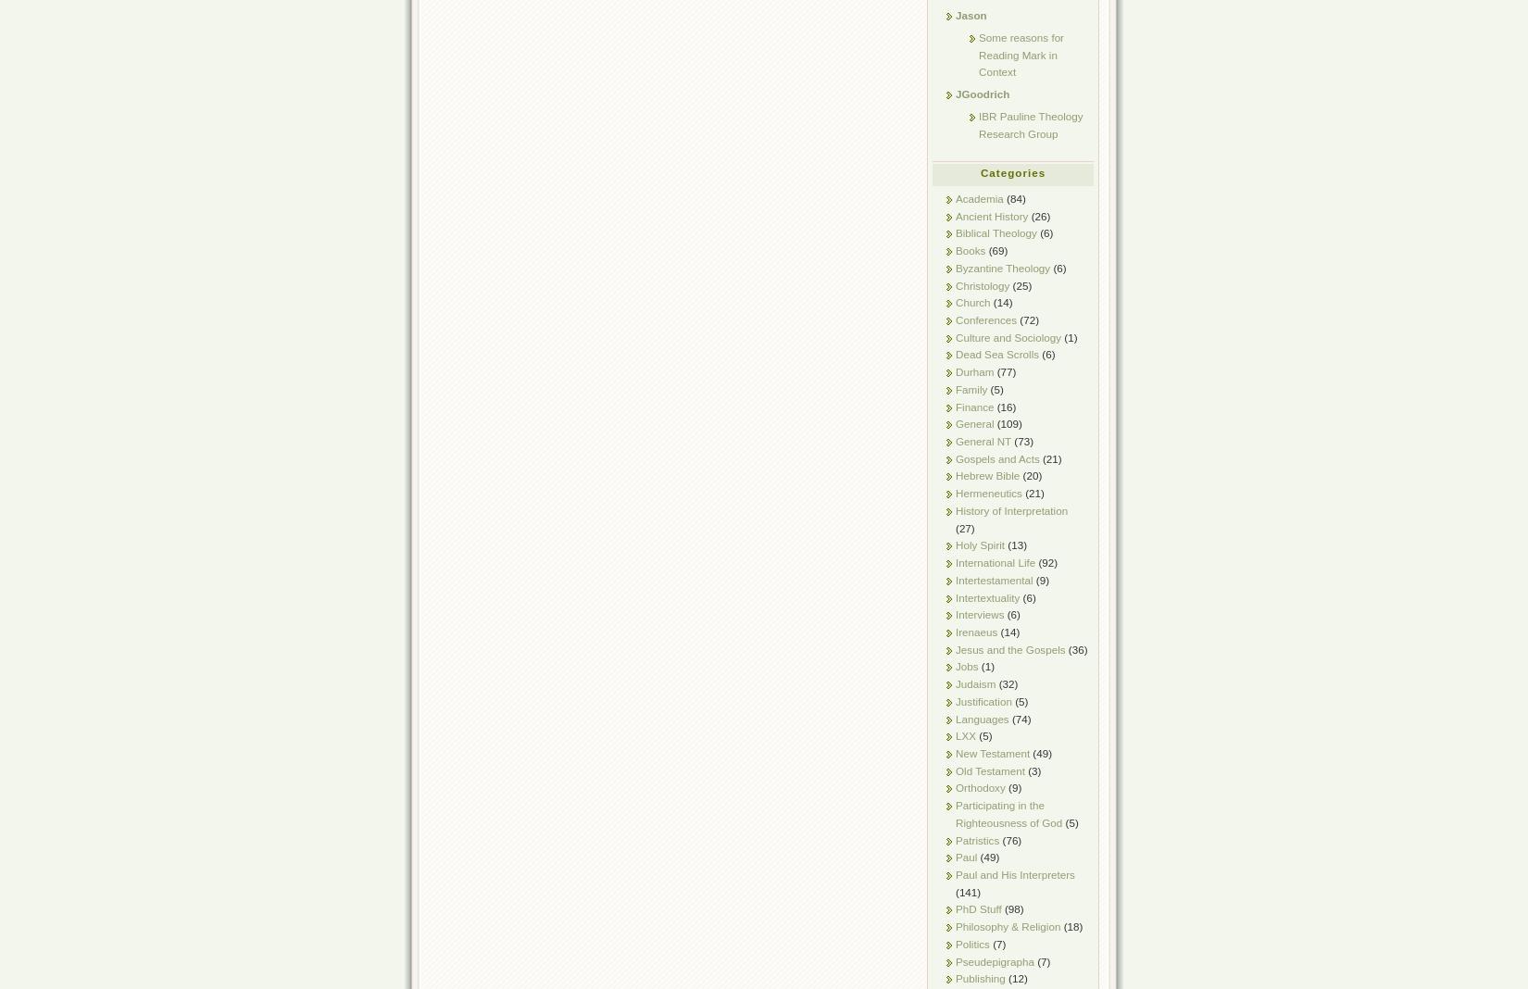  I want to click on 'Orthodoxy', so click(980, 786).